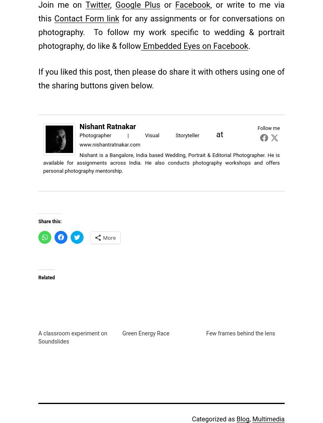 The image size is (323, 423). I want to click on 'Nishant Ratnakar', so click(107, 126).